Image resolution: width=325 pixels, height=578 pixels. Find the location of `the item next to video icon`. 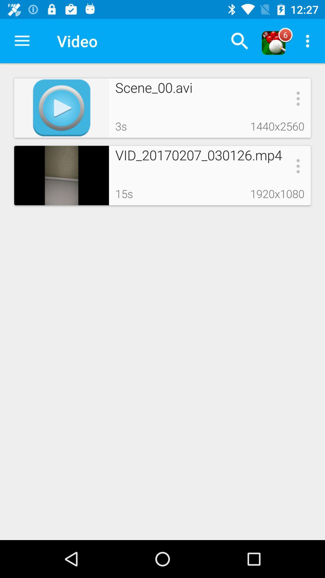

the item next to video icon is located at coordinates (22, 41).